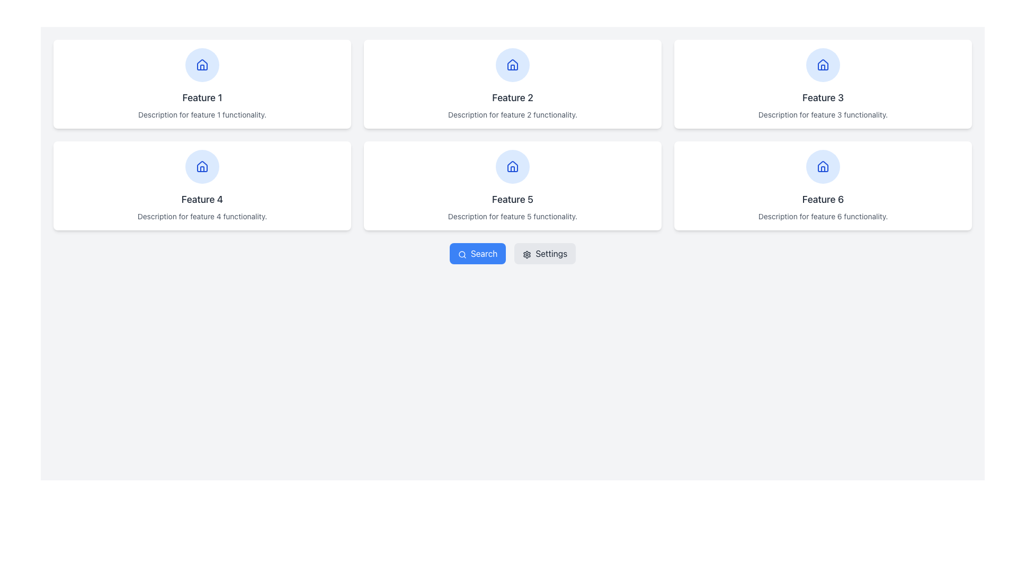  What do you see at coordinates (513, 65) in the screenshot?
I see `the icon representing the 'Feature 2' functionality, which is centered within the circular blue background of the 'Feature 2' card in the grid interface` at bounding box center [513, 65].